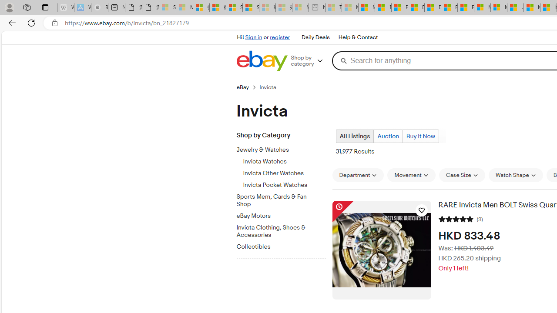 The height and width of the screenshot is (313, 557). Describe the element at coordinates (284, 214) in the screenshot. I see `'eBay Motors'` at that location.